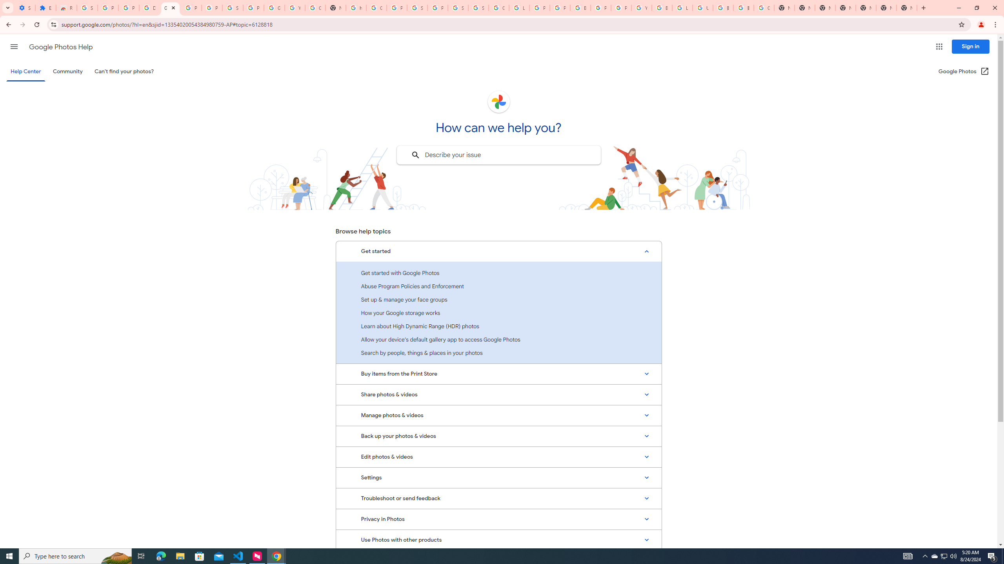 The image size is (1004, 564). What do you see at coordinates (25, 7) in the screenshot?
I see `'Settings - On startup'` at bounding box center [25, 7].